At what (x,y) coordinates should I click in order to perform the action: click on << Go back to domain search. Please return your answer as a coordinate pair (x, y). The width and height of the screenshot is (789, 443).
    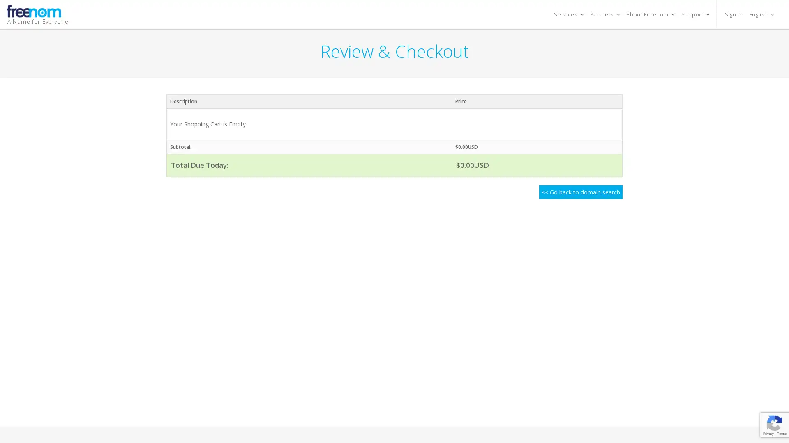
    Looking at the image, I should click on (580, 192).